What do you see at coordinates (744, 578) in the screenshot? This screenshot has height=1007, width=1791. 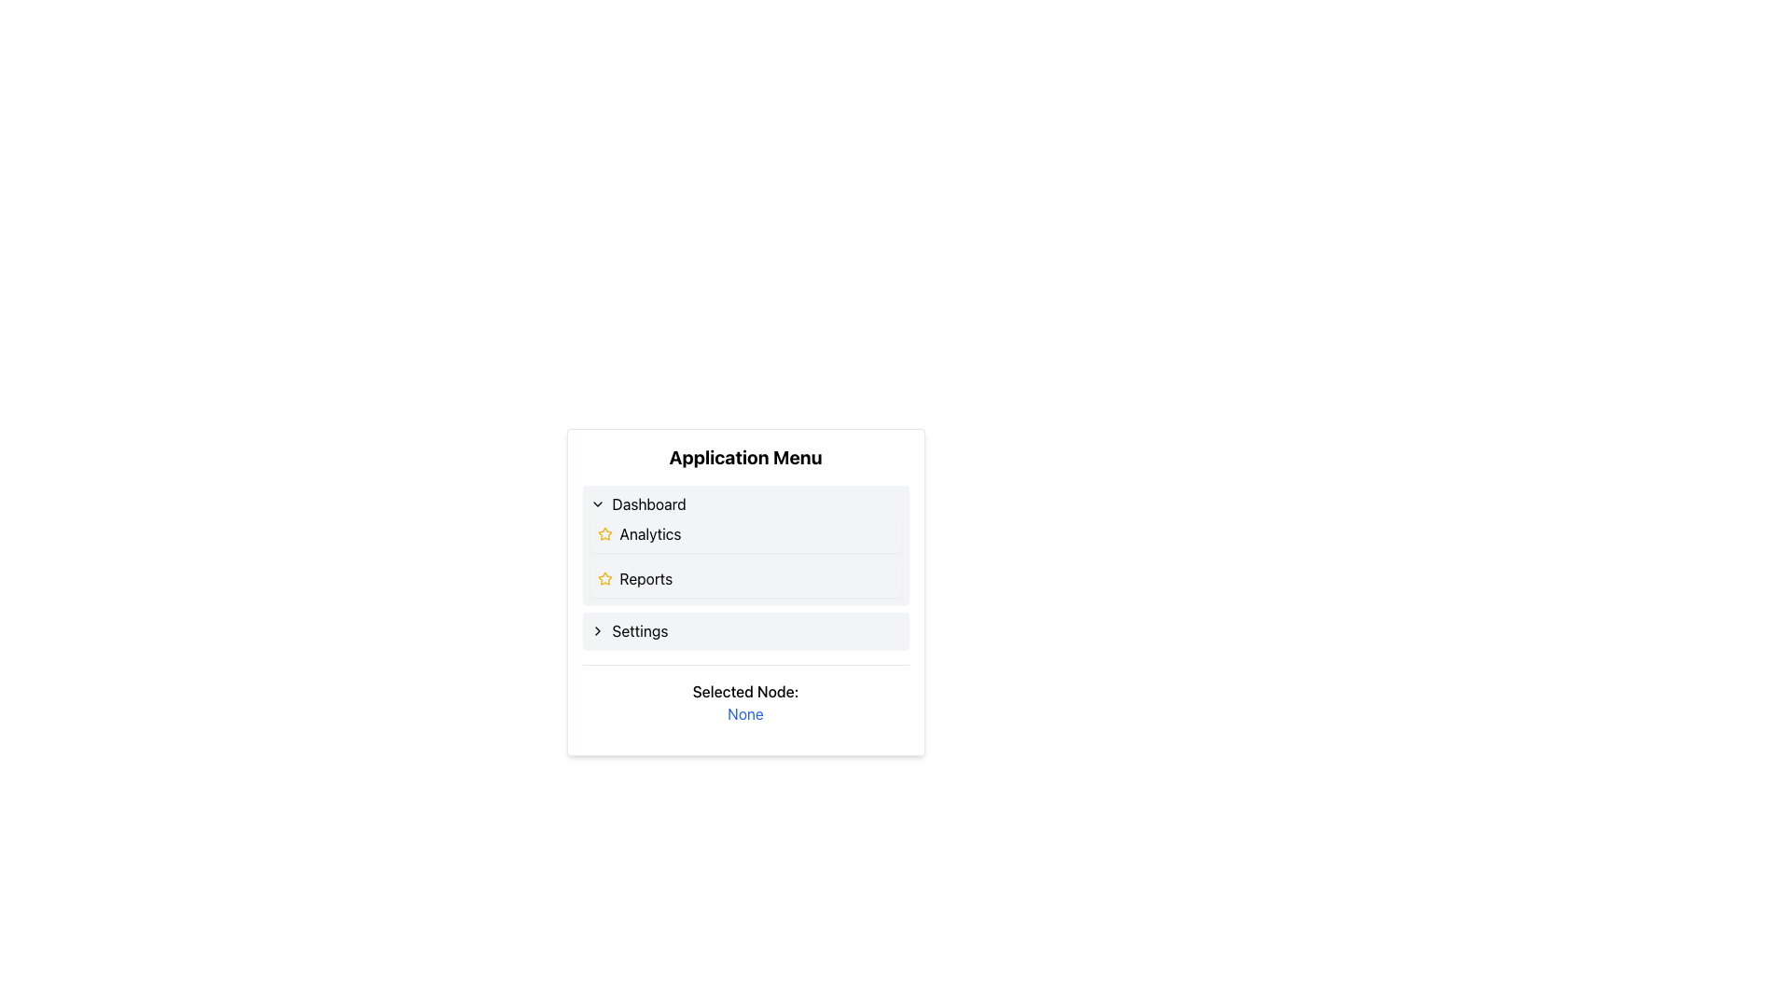 I see `the 'Reports' button located in the Analytics section of the application menu` at bounding box center [744, 578].